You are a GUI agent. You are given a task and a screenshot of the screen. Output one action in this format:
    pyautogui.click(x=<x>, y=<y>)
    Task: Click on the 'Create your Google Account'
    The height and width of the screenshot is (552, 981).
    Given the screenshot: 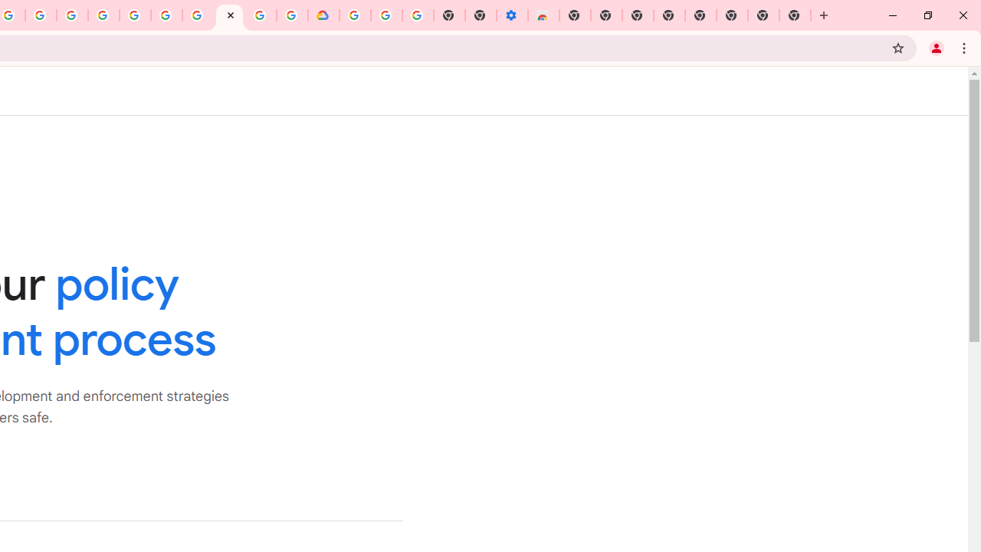 What is the action you would take?
    pyautogui.click(x=41, y=15)
    